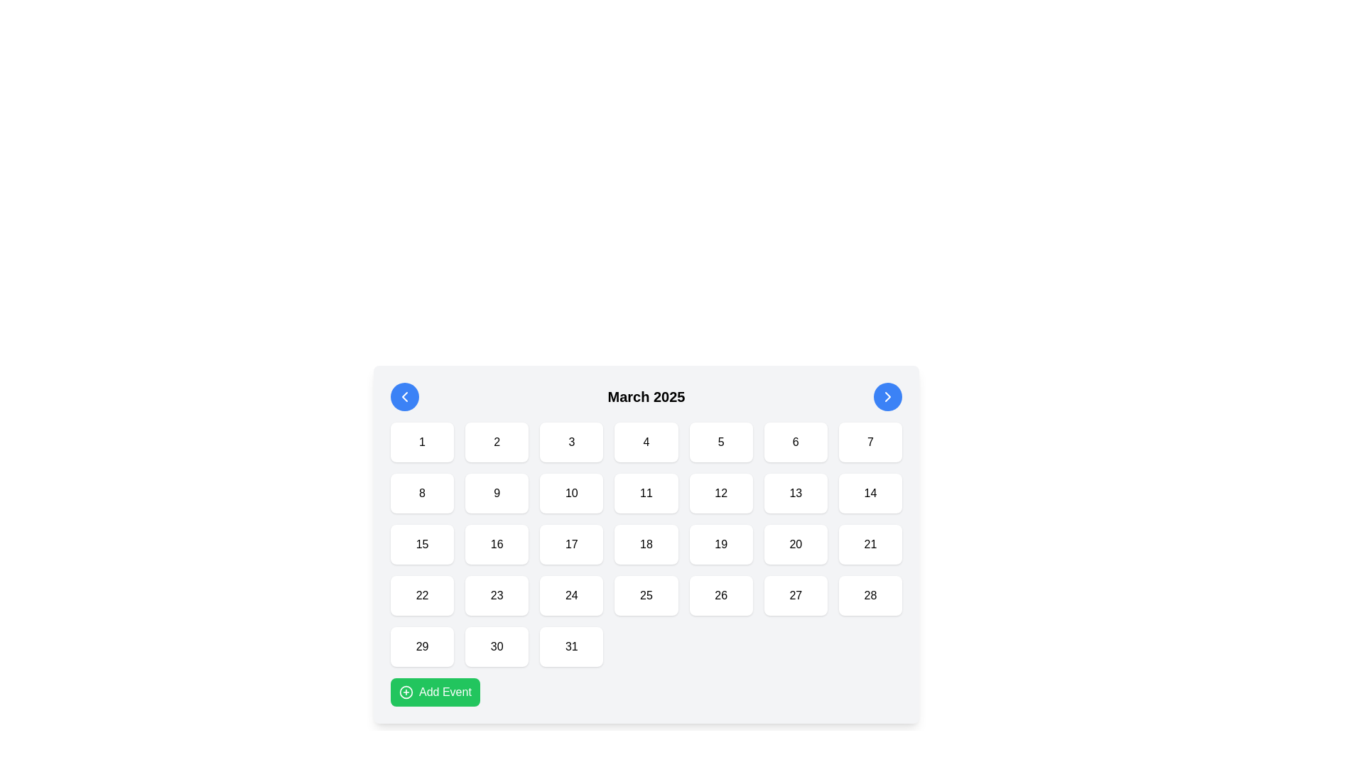  I want to click on the button labeled '31' in the calendar for March 2025, so click(571, 646).